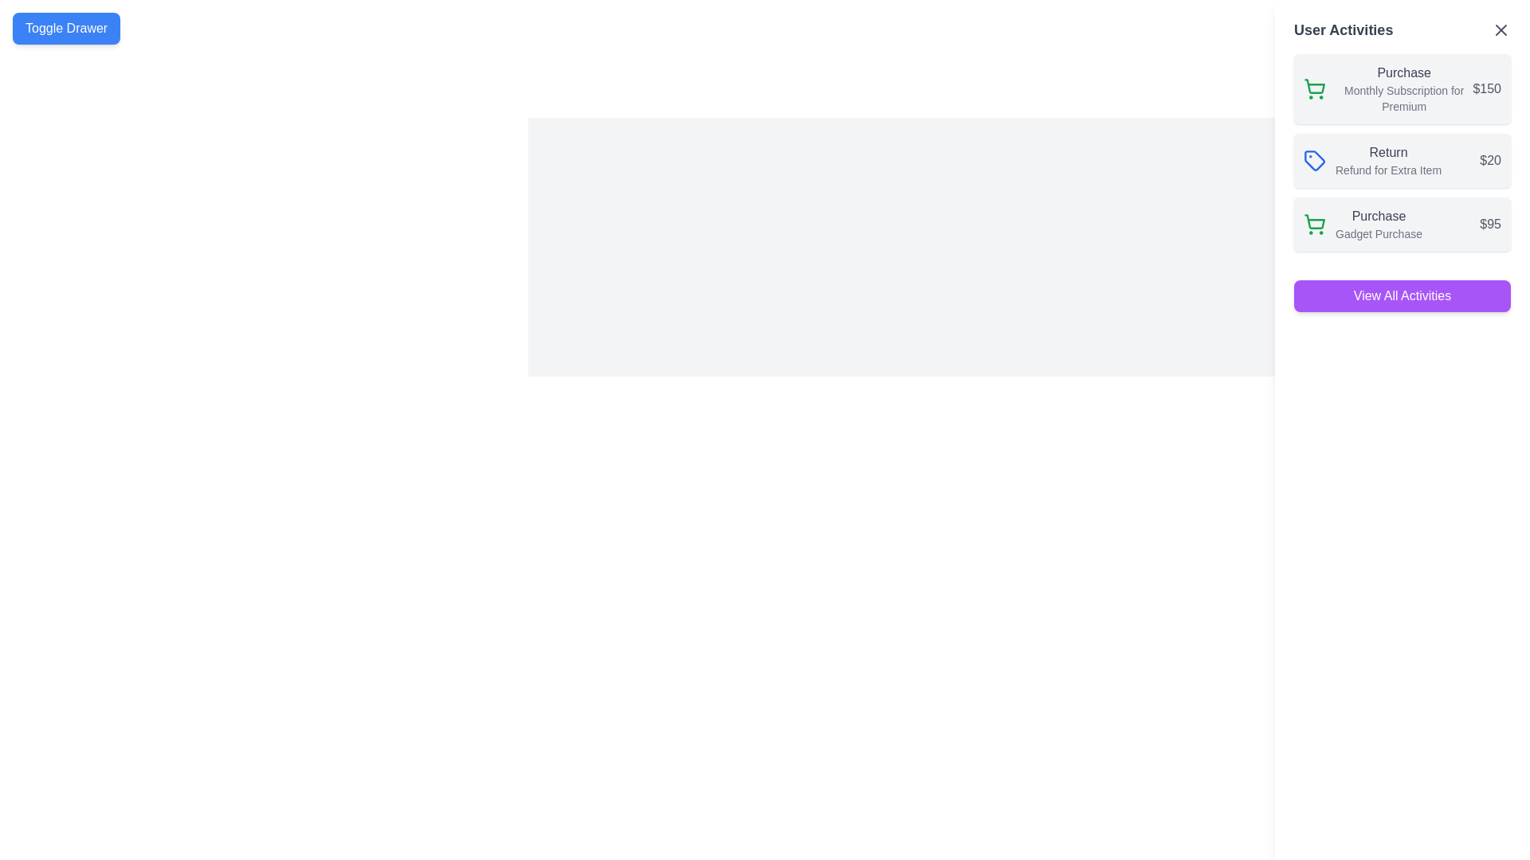 This screenshot has height=860, width=1530. What do you see at coordinates (1378, 224) in the screenshot?
I see `the Text label element that displays 'Purchase' and 'Gadget Purchase' located in the third block of the 'User Activities' sidebar, positioned between 'Return' and 'View All Activities'` at bounding box center [1378, 224].